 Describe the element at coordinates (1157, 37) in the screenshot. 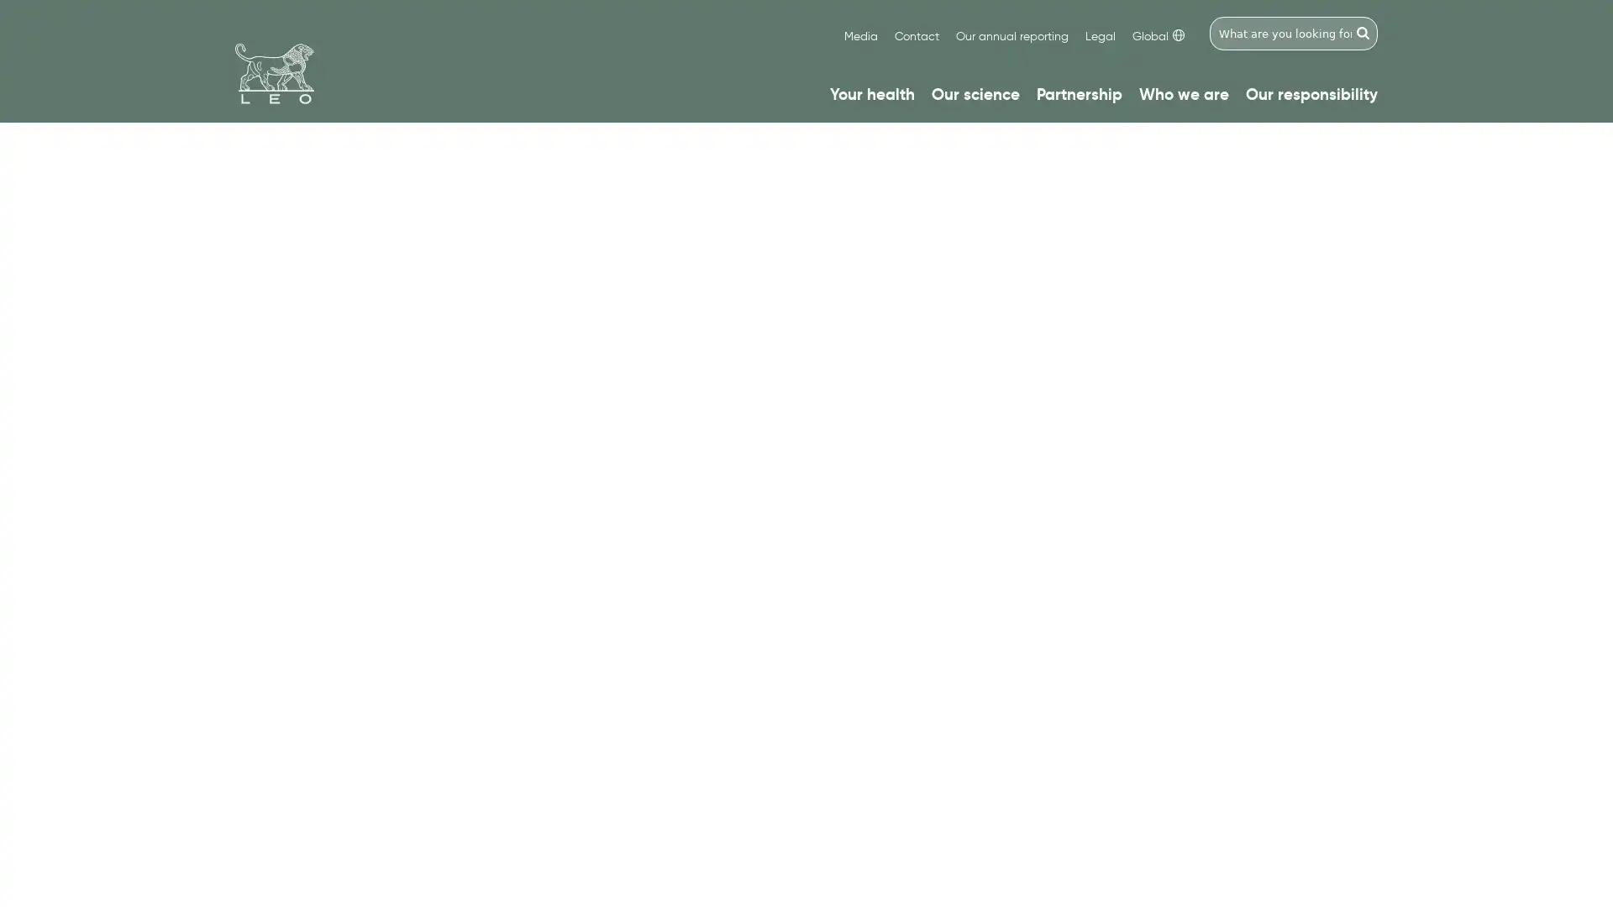

I see `Global` at that location.